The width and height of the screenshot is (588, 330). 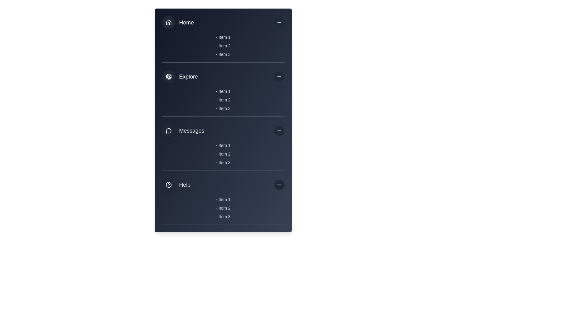 What do you see at coordinates (184, 185) in the screenshot?
I see `the 'Help' section heading text label in the sidebar, which is located to the right of a question mark icon and above a list of subitems` at bounding box center [184, 185].